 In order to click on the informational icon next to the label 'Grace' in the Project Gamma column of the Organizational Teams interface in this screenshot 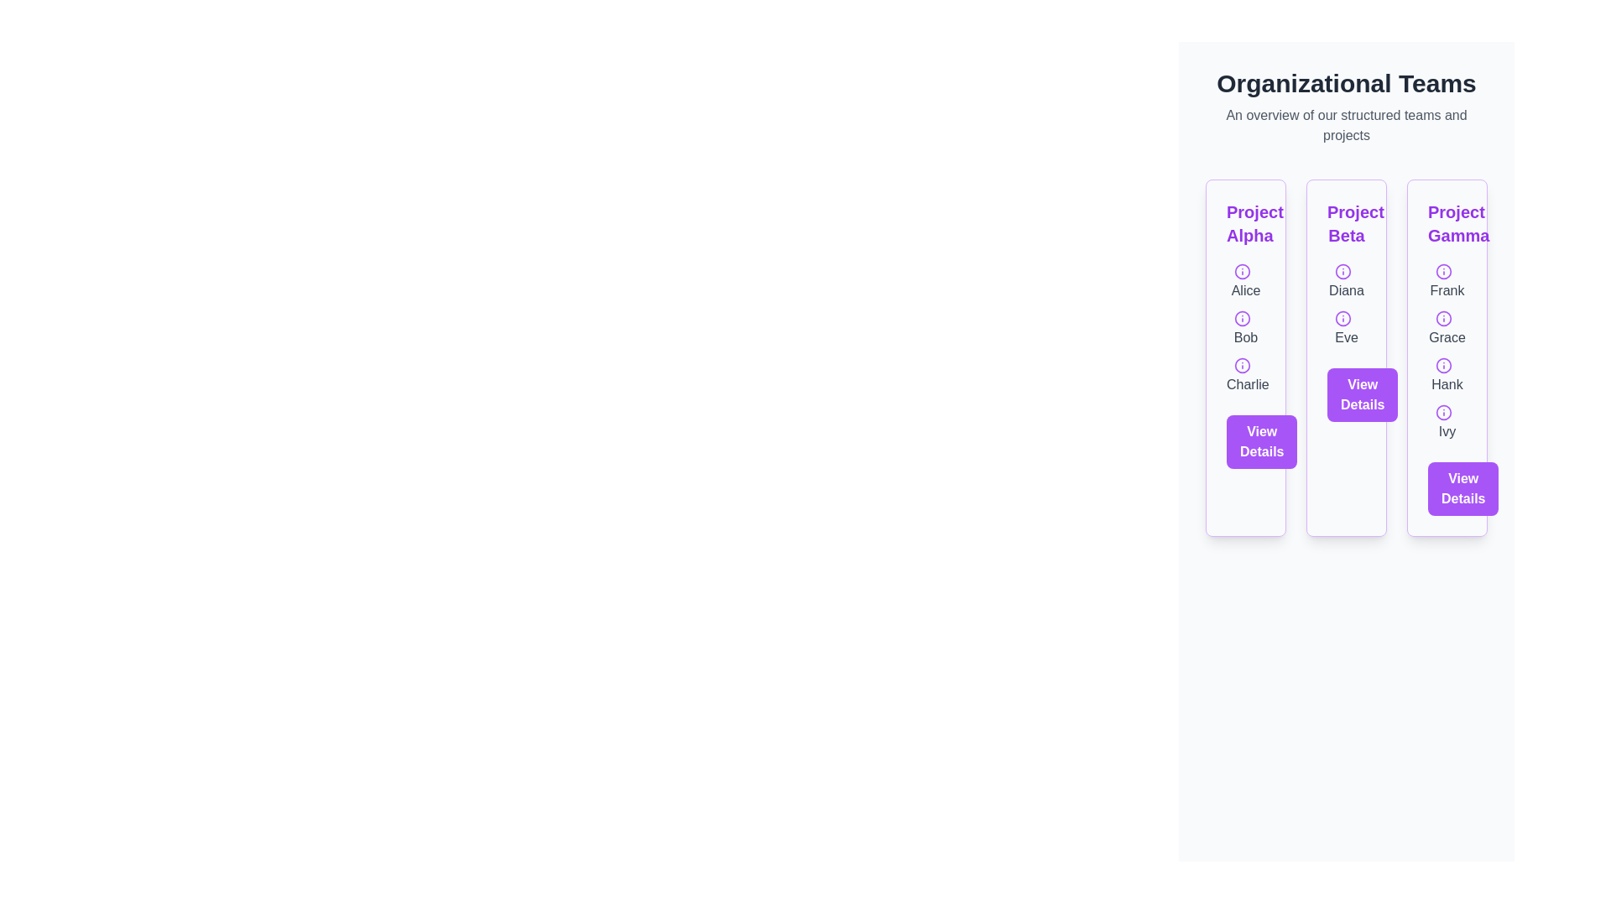, I will do `click(1443, 317)`.